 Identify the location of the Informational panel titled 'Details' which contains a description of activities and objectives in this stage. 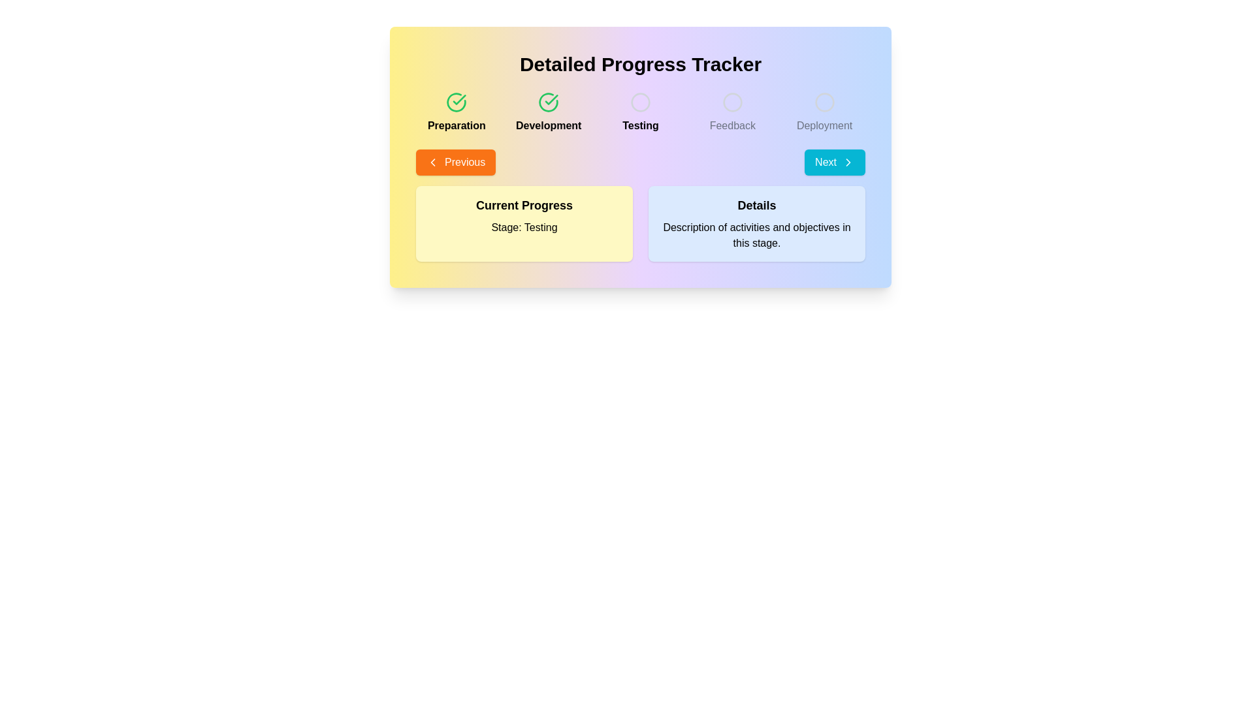
(756, 223).